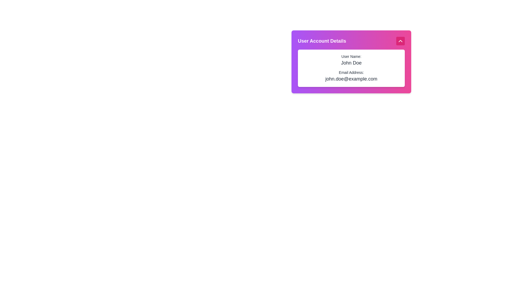  I want to click on the Text display block that shows 'User Name:' and 'John Doe', which is the first item in a list of user details displayed within a rectangular card, so click(351, 60).